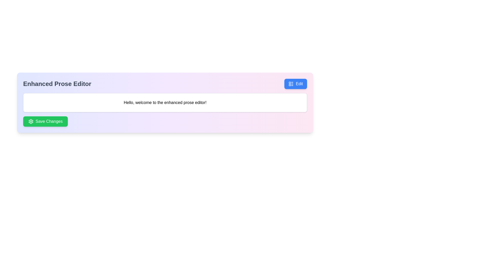 Image resolution: width=495 pixels, height=278 pixels. Describe the element at coordinates (45, 121) in the screenshot. I see `the 'Save Changes' button with a green background and a settings gear icon` at that location.